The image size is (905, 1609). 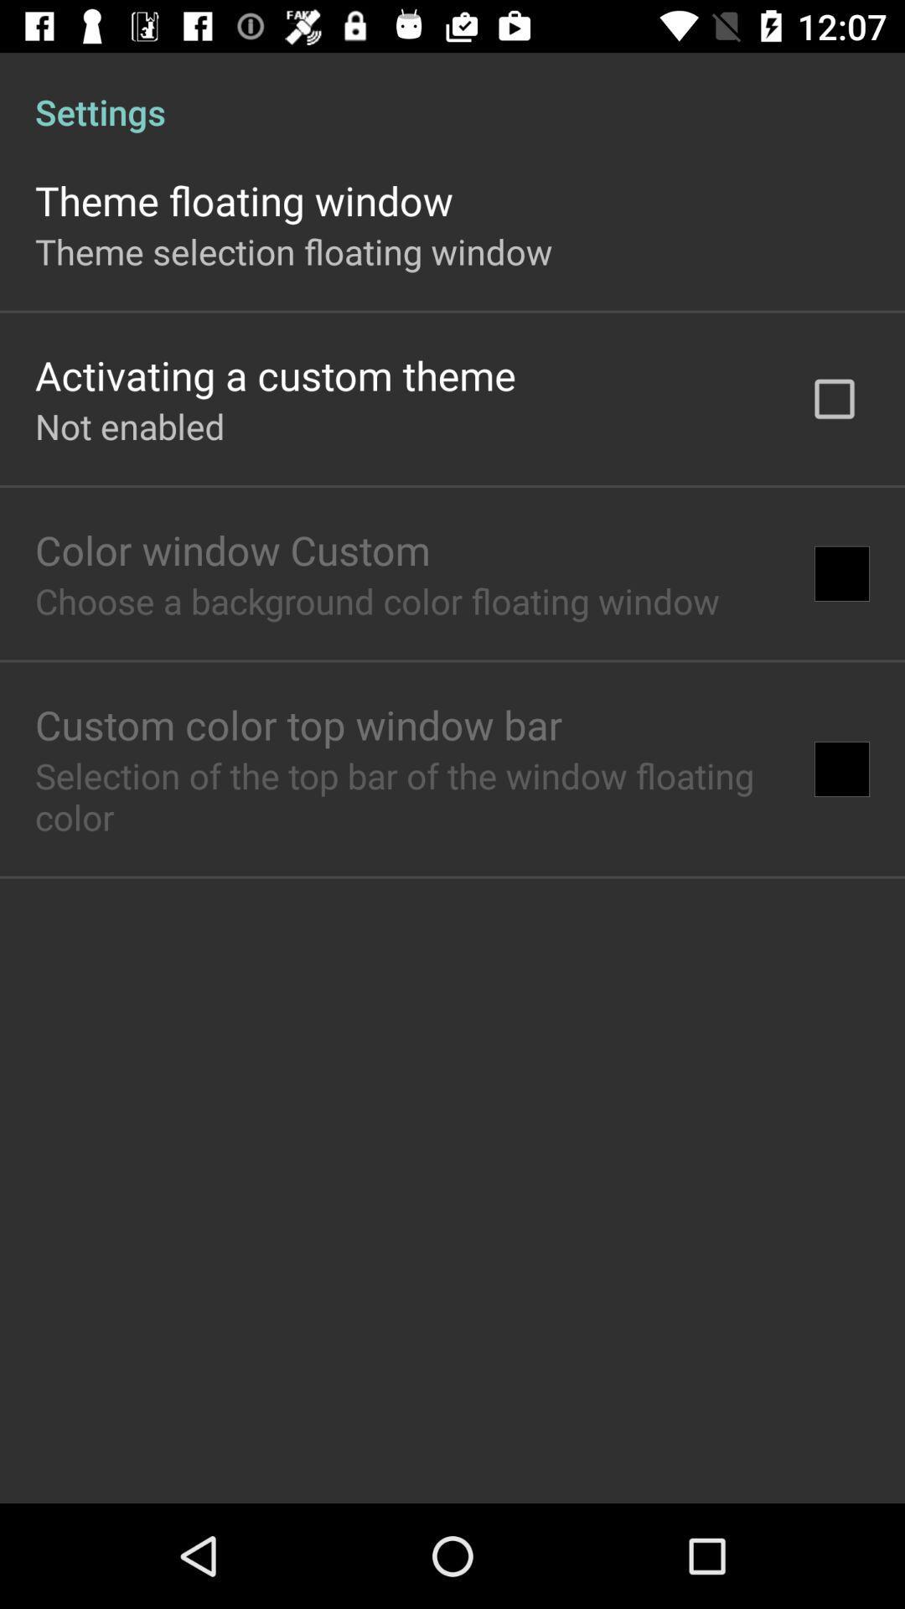 I want to click on not enabled app, so click(x=129, y=426).